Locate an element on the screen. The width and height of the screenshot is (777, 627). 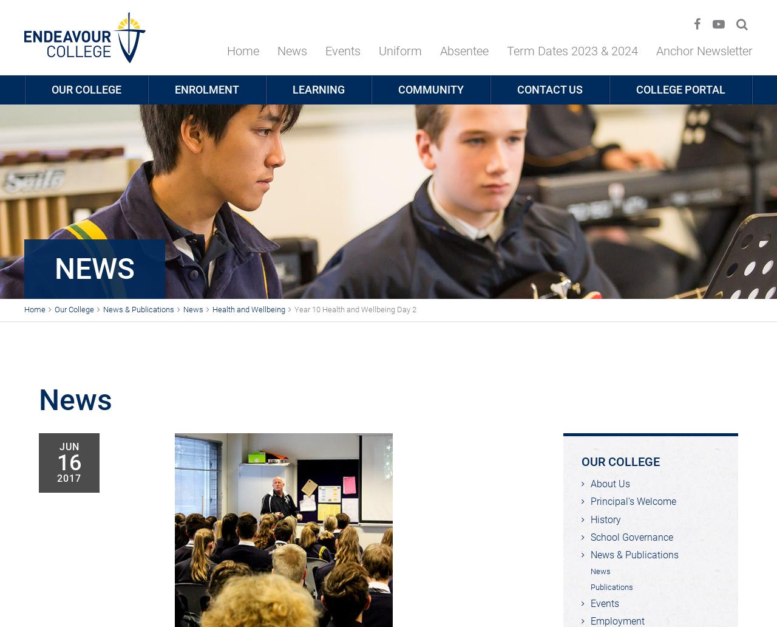
'About Us' is located at coordinates (610, 484).